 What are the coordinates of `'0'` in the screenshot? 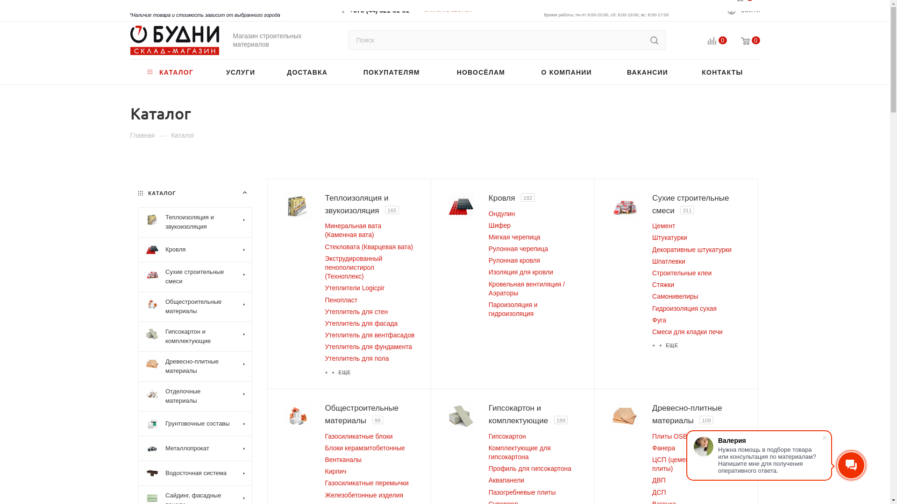 It's located at (743, 41).